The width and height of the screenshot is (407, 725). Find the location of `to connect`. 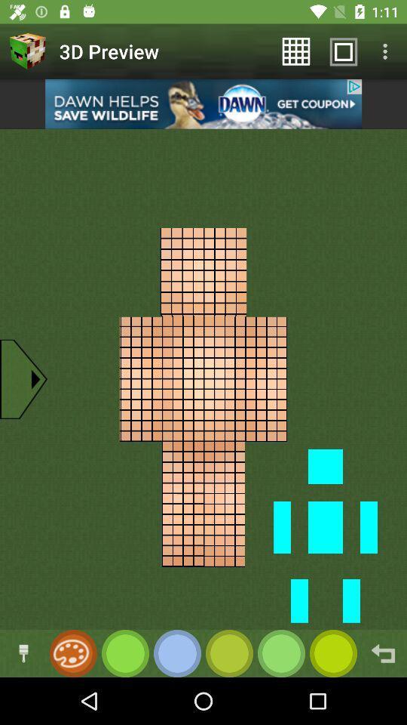

to connect is located at coordinates (23, 652).